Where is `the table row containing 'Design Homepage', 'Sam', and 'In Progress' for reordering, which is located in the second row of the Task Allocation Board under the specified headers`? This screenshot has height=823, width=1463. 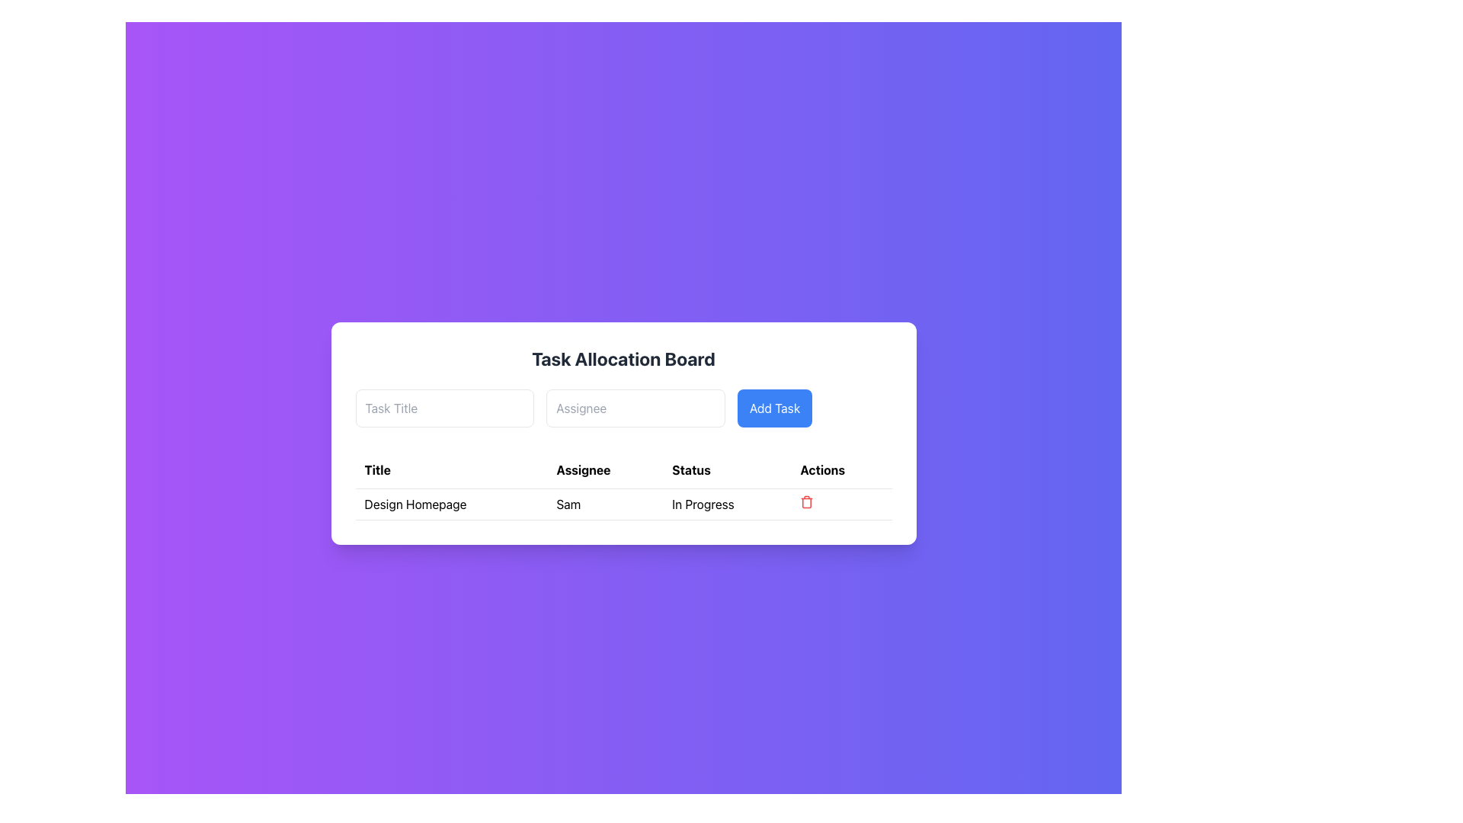 the table row containing 'Design Homepage', 'Sam', and 'In Progress' for reordering, which is located in the second row of the Task Allocation Board under the specified headers is located at coordinates (623, 504).